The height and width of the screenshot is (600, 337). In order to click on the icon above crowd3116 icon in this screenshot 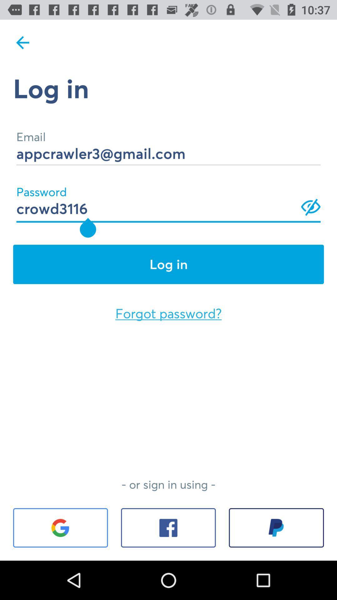, I will do `click(168, 144)`.